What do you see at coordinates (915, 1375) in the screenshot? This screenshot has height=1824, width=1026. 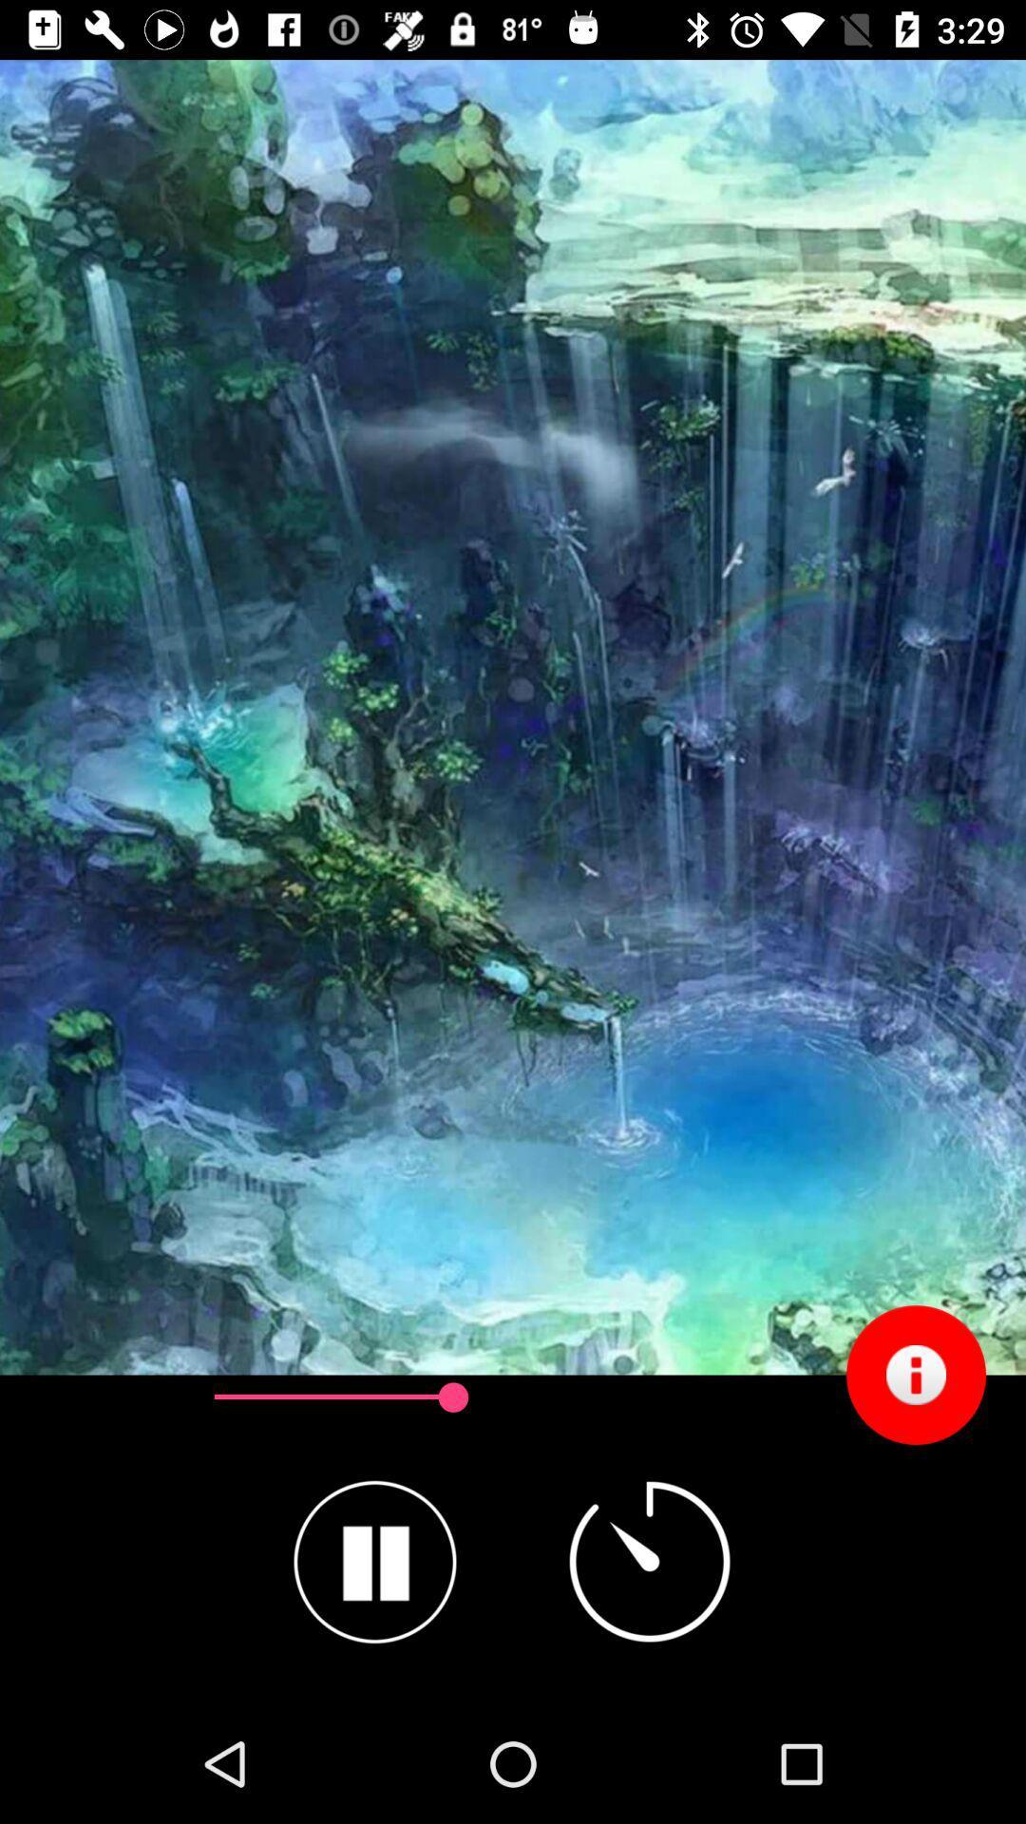 I see `the info icon` at bounding box center [915, 1375].